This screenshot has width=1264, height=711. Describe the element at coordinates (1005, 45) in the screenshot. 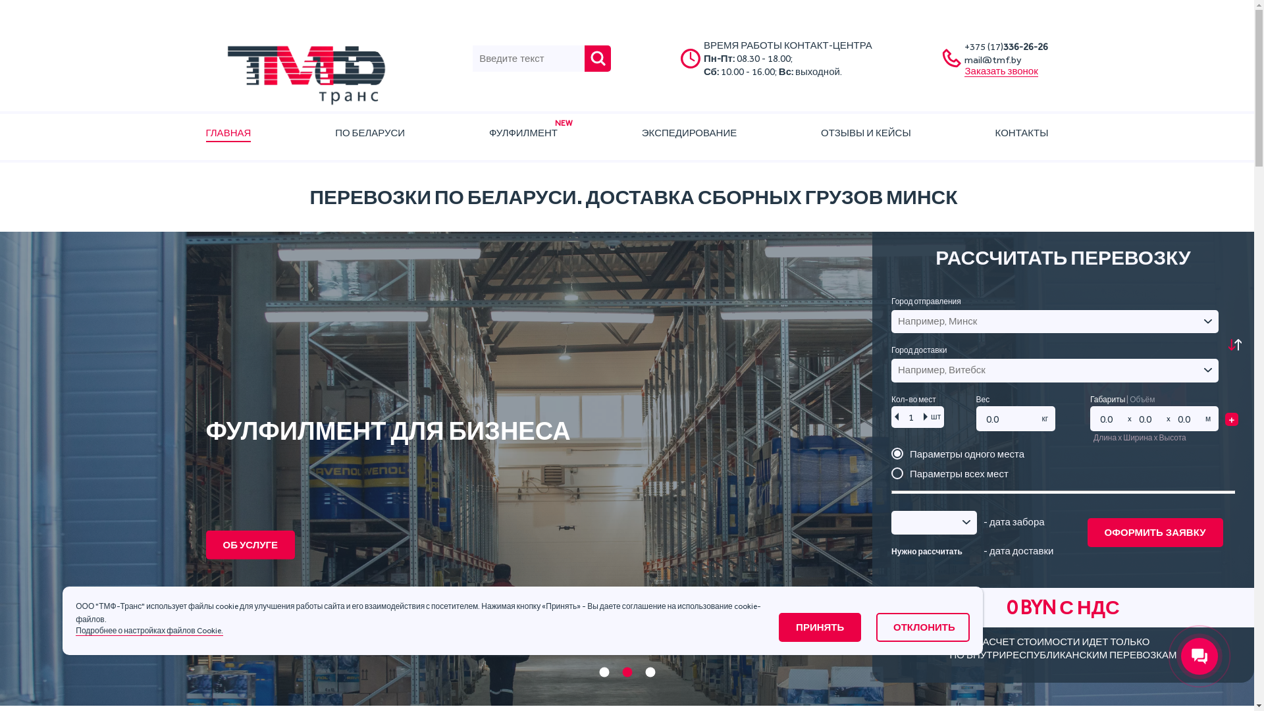

I see `'+375 (17)336-26-26'` at that location.